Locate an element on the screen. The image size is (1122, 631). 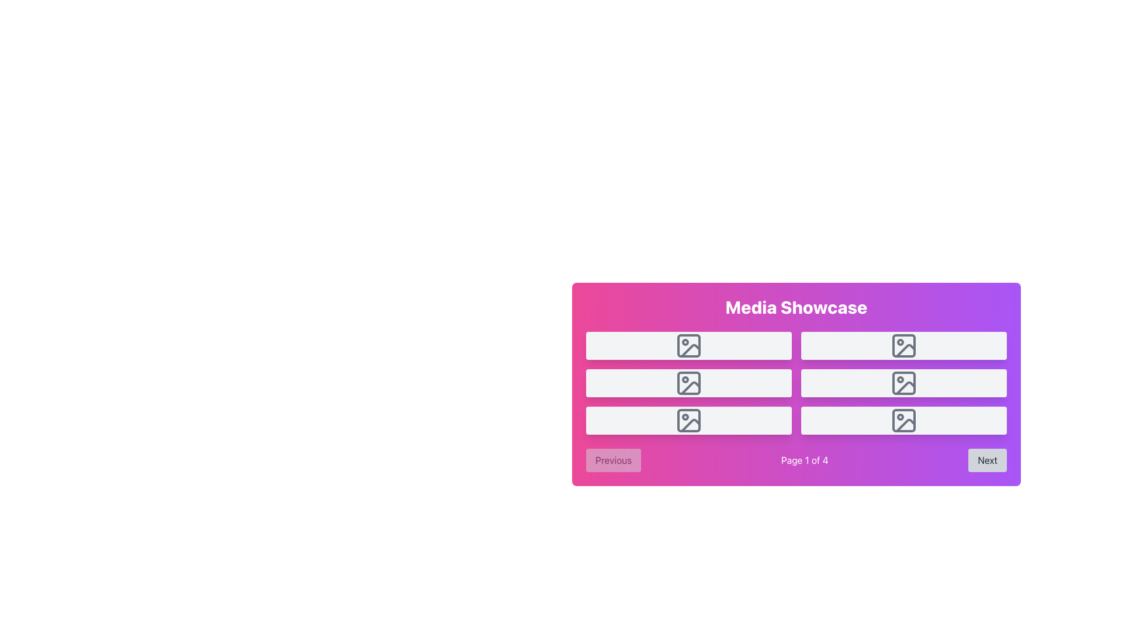
the image placeholder icon located in the second column of the second row within the 'Media Showcase' grid is located at coordinates (903, 383).